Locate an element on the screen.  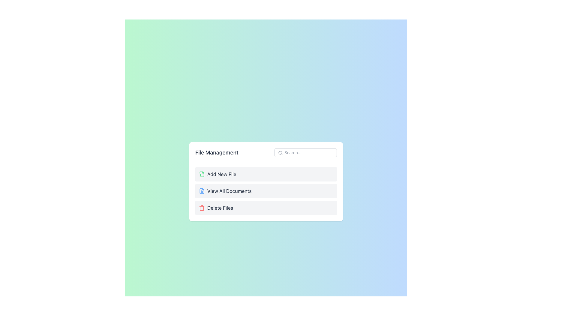
the 'Delete Files' text label, which is styled in gray and located to the right of a red trash icon within the 'File Management' section is located at coordinates (220, 207).